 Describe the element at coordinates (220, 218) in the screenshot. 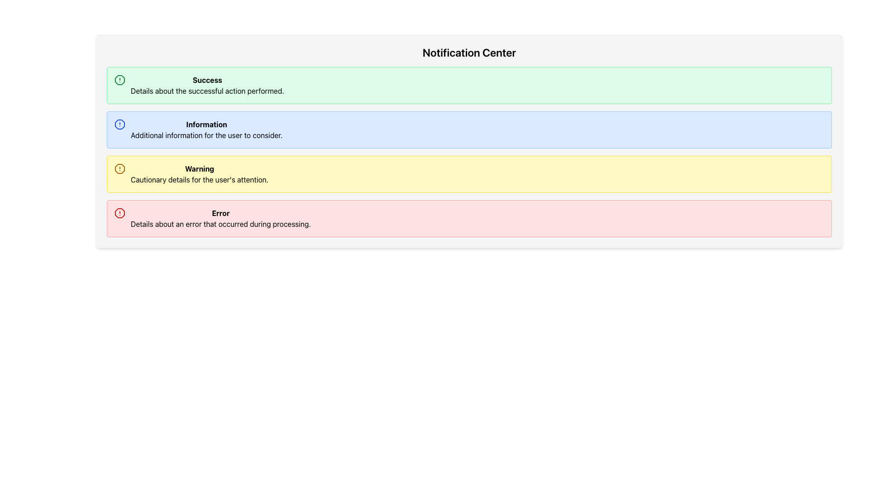

I see `the error displayed in the fourth informational text block located at the lower portion of the notification center section` at that location.